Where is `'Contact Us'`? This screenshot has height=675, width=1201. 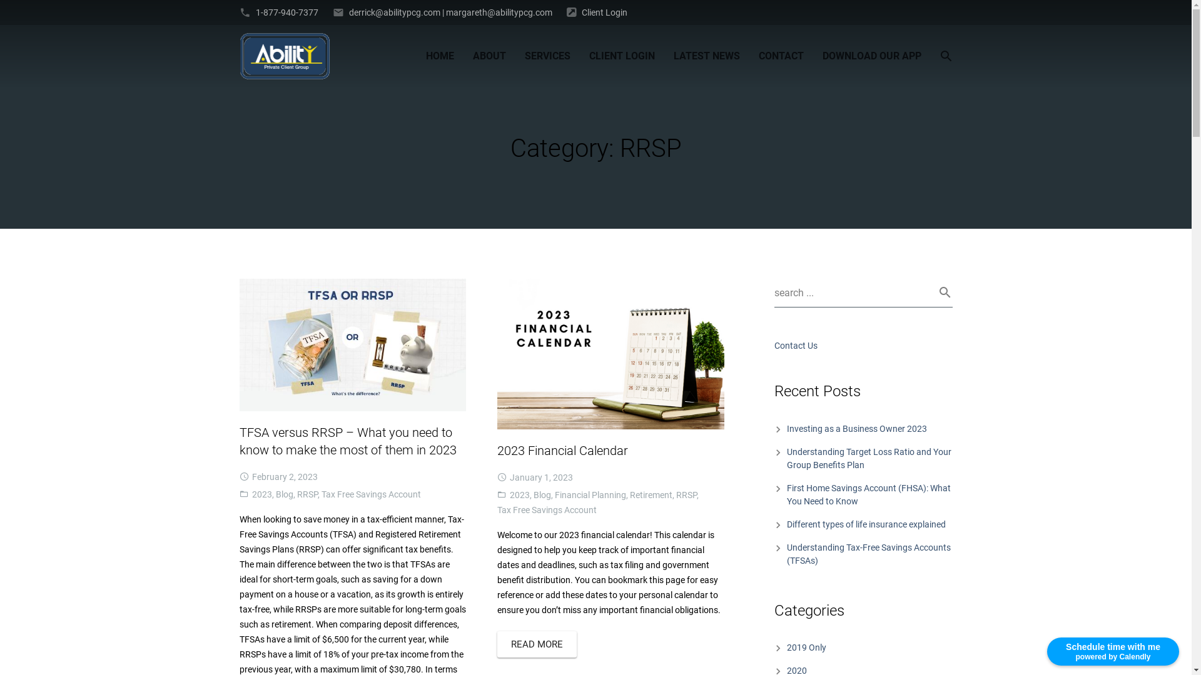
'Contact Us' is located at coordinates (774, 345).